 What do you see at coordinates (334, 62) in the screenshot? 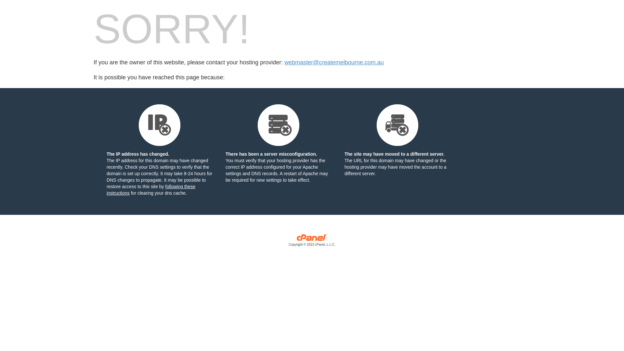
I see `'webmaster@createmelbourne.com.au'` at bounding box center [334, 62].